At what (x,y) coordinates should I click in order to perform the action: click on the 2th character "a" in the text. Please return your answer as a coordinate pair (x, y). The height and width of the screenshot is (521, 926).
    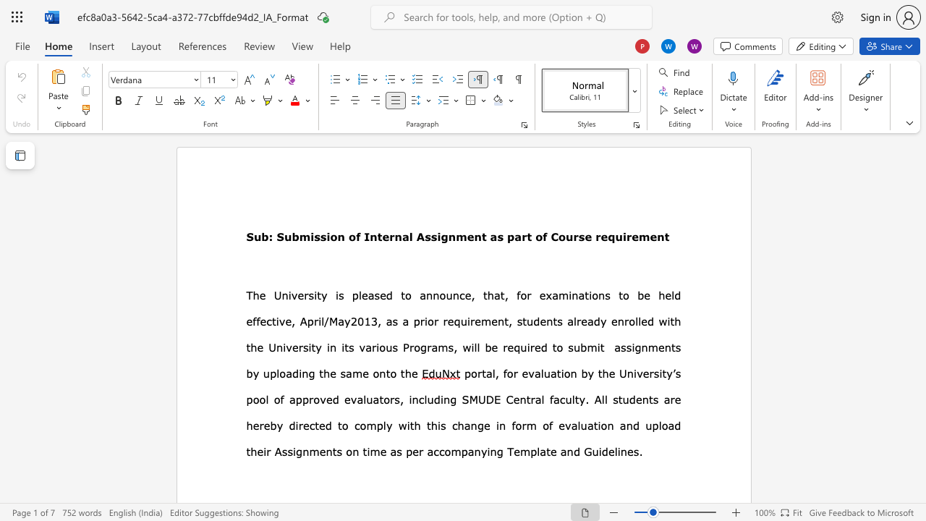
    Looking at the image, I should click on (563, 451).